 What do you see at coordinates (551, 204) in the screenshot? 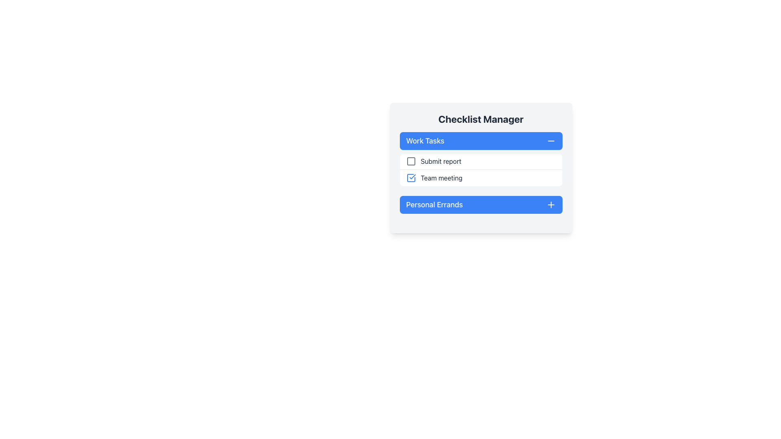
I see `the Icon for adding new items or tasks to the 'Personal Errands' category` at bounding box center [551, 204].